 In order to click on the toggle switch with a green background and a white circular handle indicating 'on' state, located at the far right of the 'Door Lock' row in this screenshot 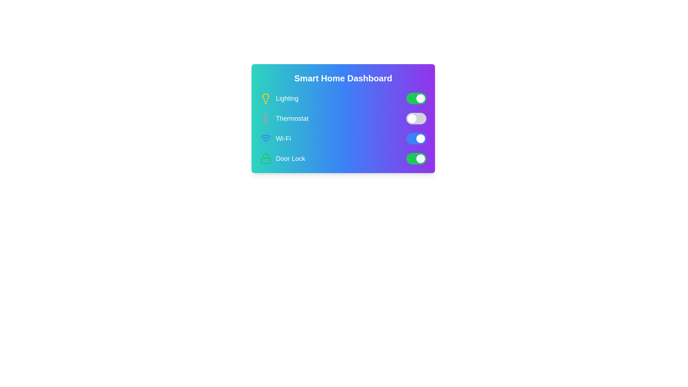, I will do `click(416, 158)`.